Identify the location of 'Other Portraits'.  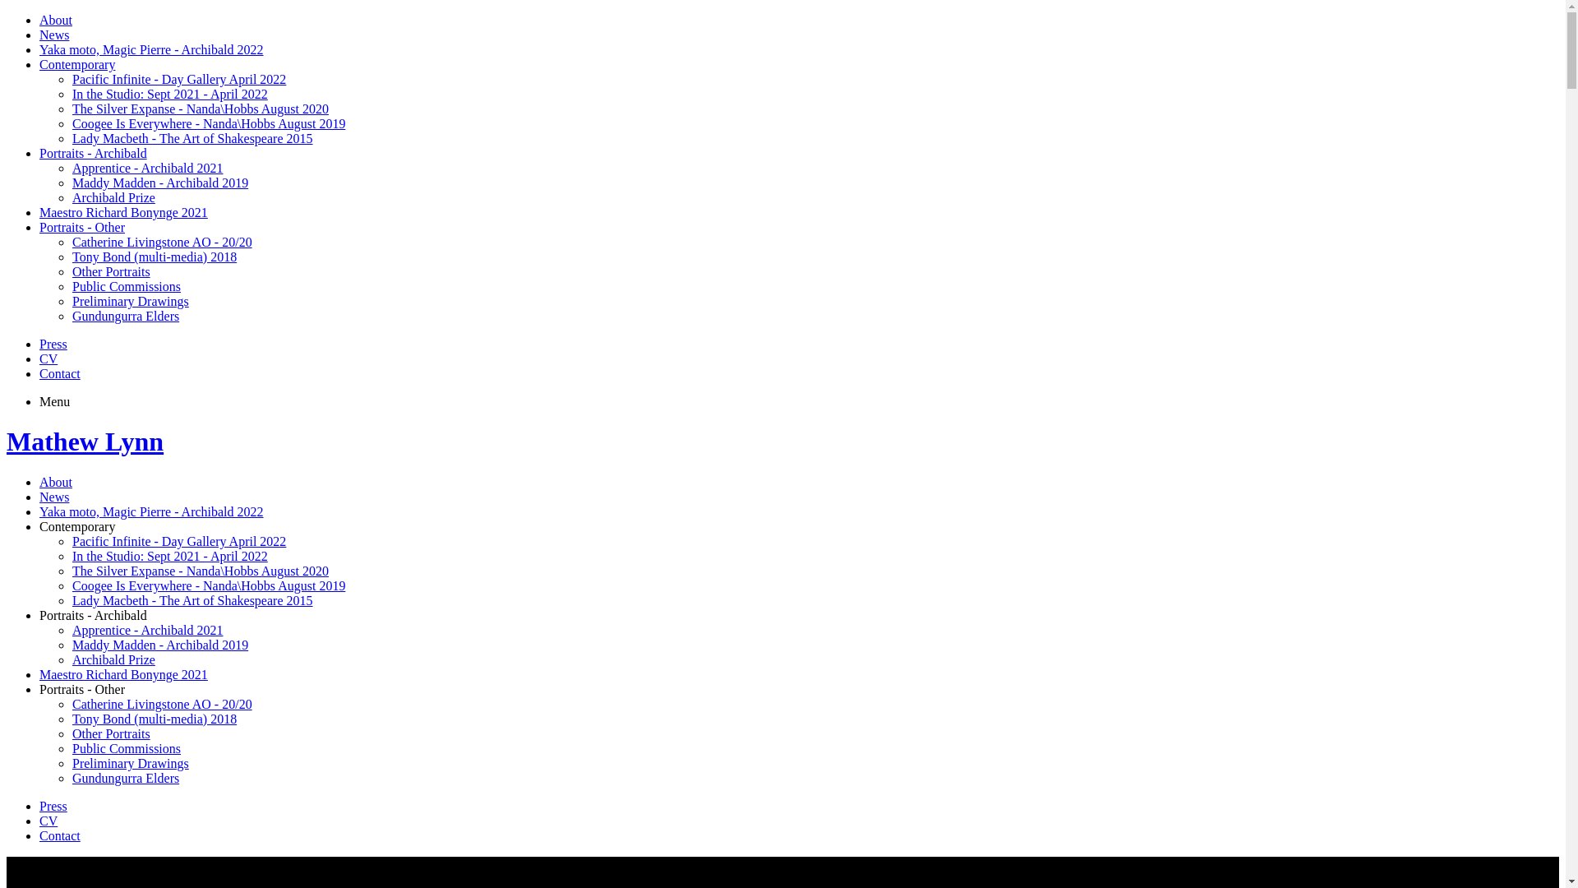
(71, 271).